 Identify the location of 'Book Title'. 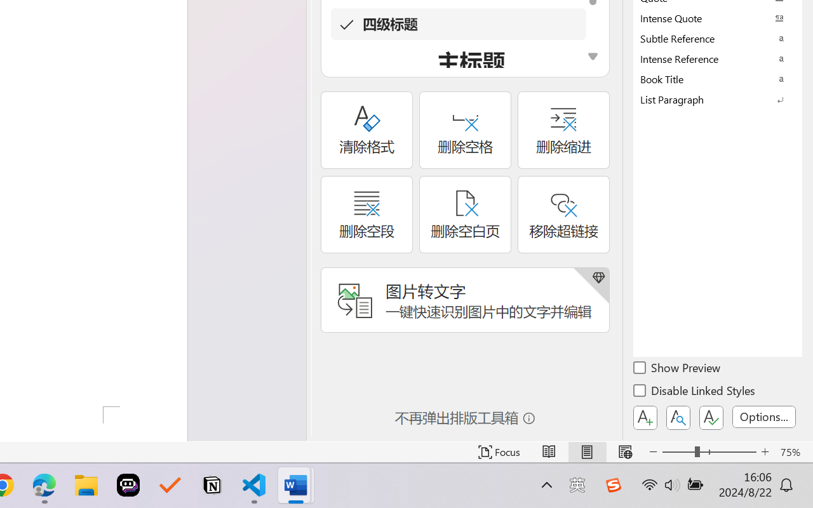
(718, 78).